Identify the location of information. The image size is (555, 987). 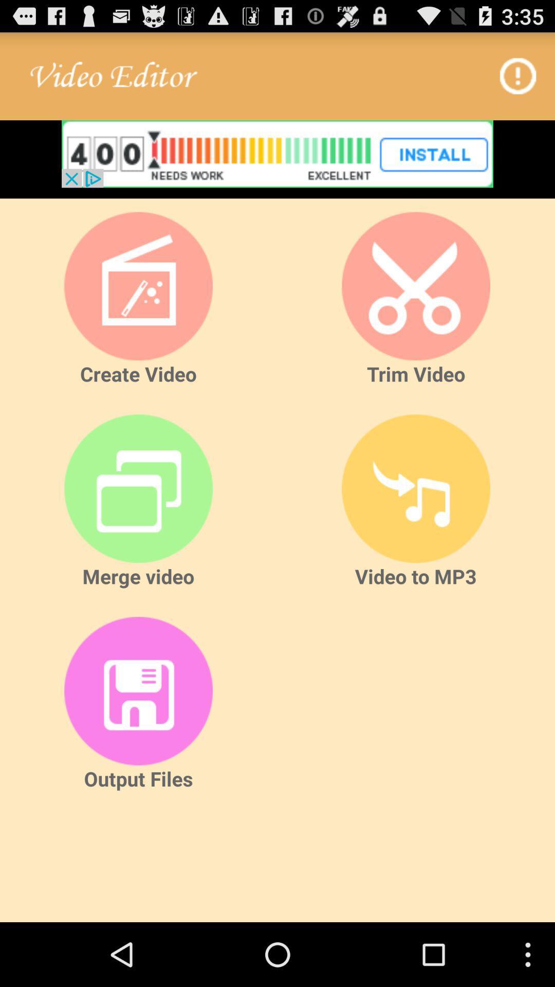
(519, 76).